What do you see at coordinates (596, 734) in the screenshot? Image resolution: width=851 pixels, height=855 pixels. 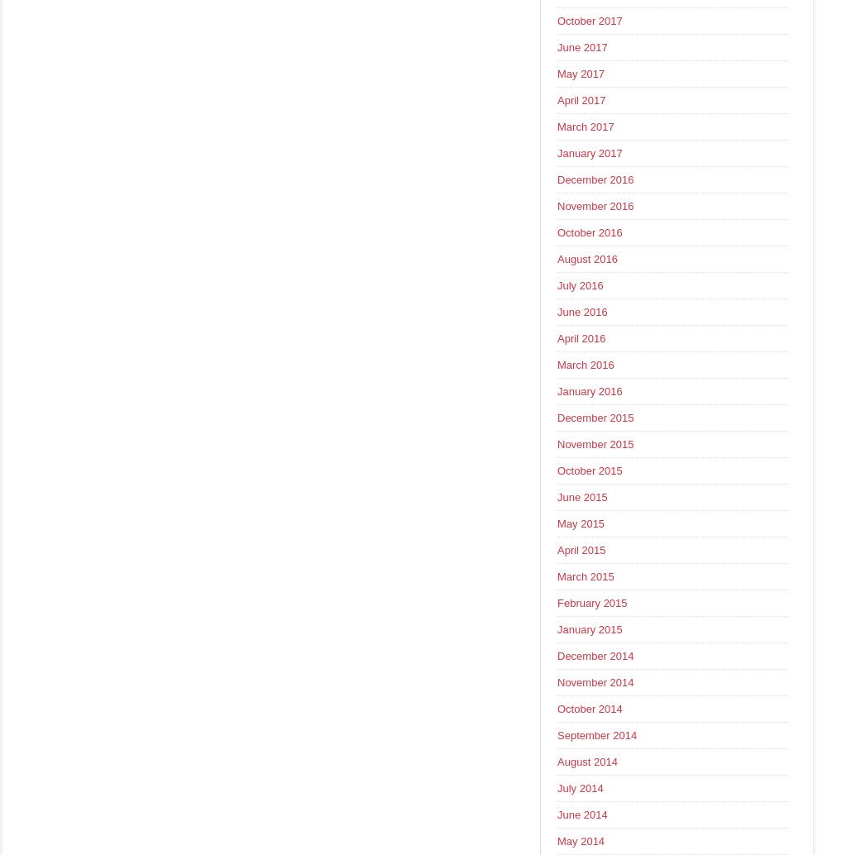 I see `'September 2014'` at bounding box center [596, 734].